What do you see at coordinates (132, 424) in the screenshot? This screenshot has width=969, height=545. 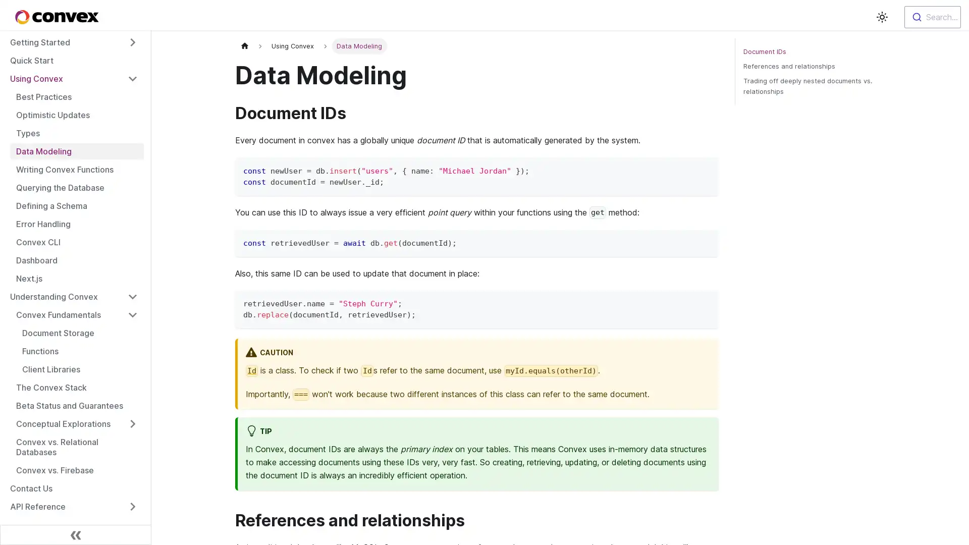 I see `Toggle the collapsible sidebar category 'Conceptual Explorations'` at bounding box center [132, 424].